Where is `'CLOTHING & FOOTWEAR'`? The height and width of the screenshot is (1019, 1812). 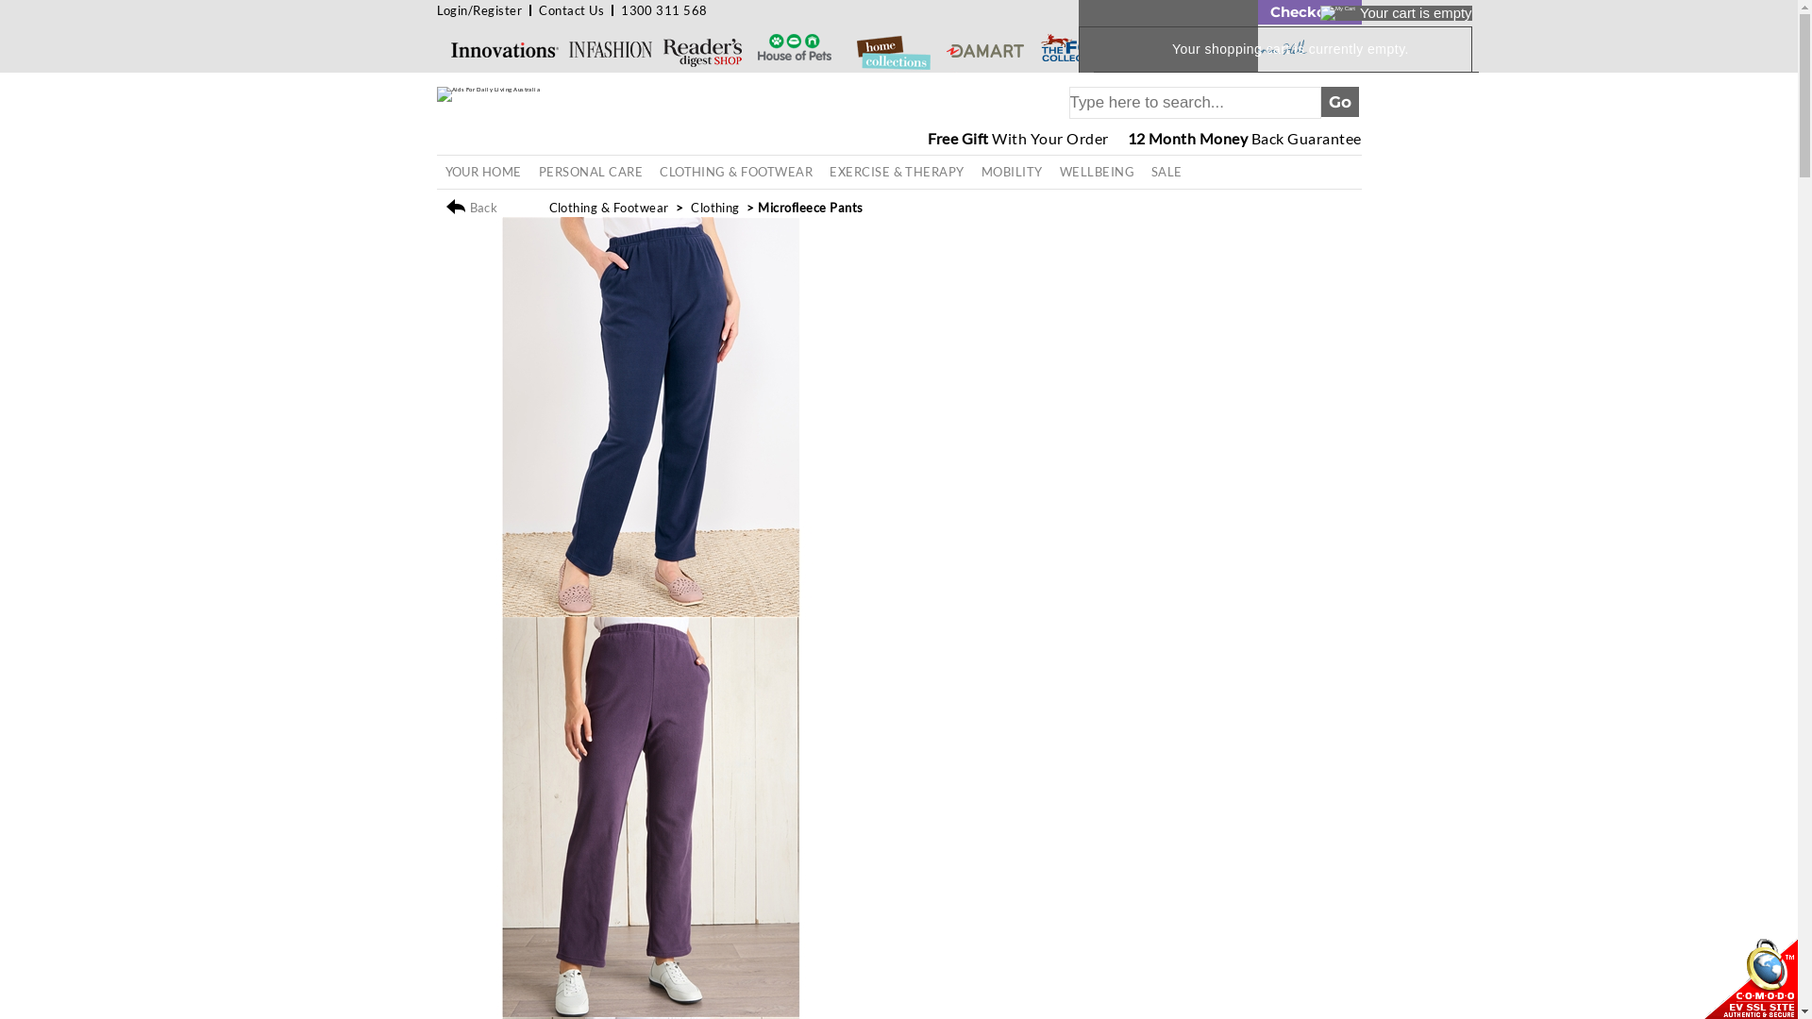 'CLOTHING & FOOTWEAR' is located at coordinates (734, 172).